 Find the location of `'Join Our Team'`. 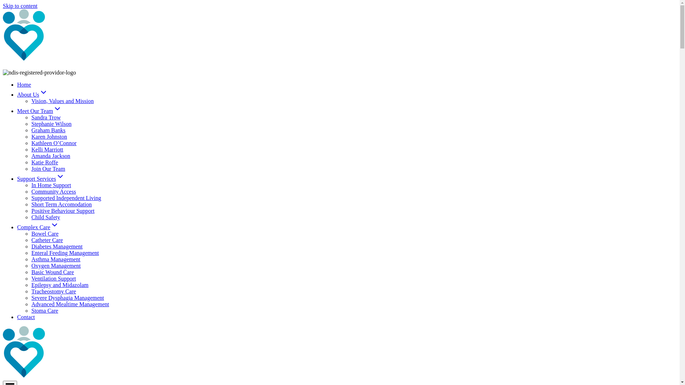

'Join Our Team' is located at coordinates (48, 169).